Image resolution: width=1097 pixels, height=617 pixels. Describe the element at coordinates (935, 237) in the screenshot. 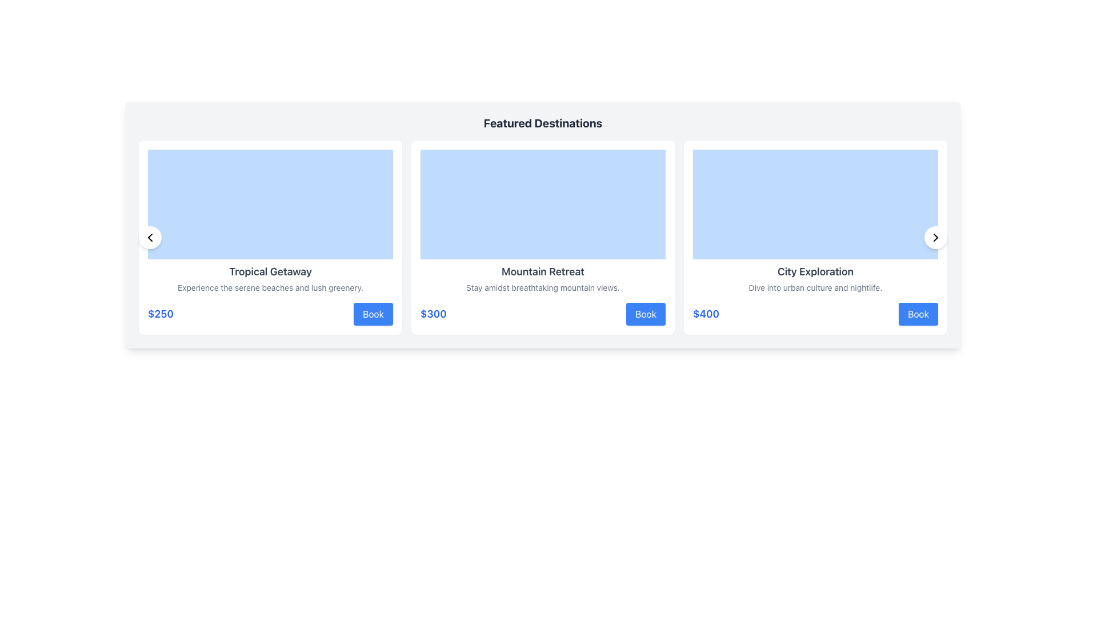

I see `the circular button with a white background and a right-facing chevron icon` at that location.